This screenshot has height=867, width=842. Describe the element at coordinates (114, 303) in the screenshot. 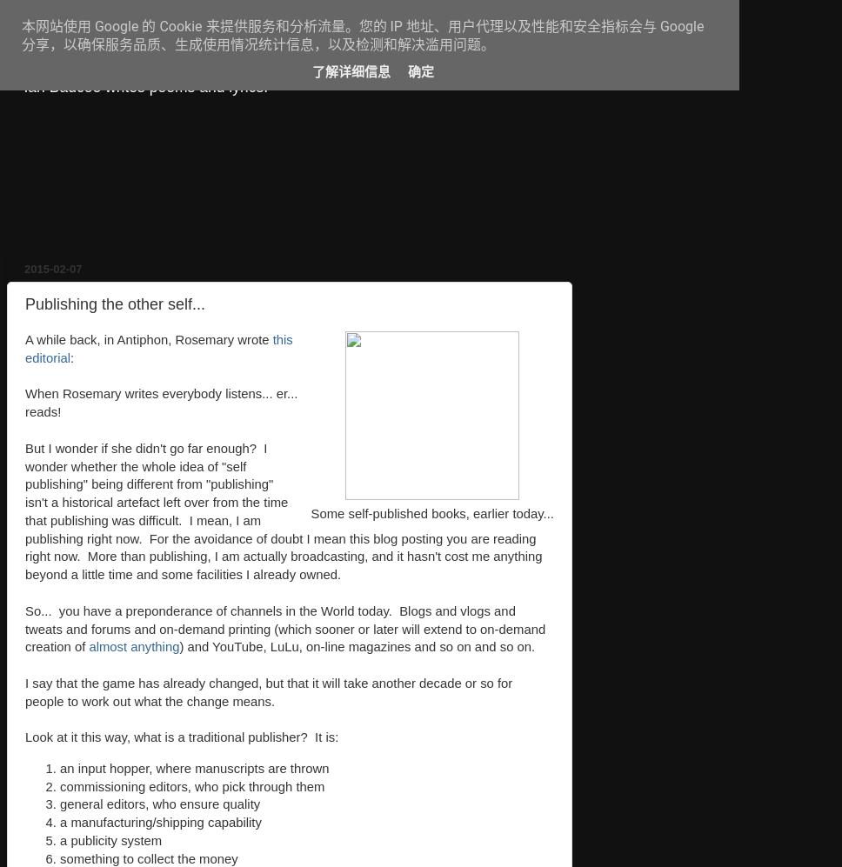

I see `'Publishing the other self...'` at that location.